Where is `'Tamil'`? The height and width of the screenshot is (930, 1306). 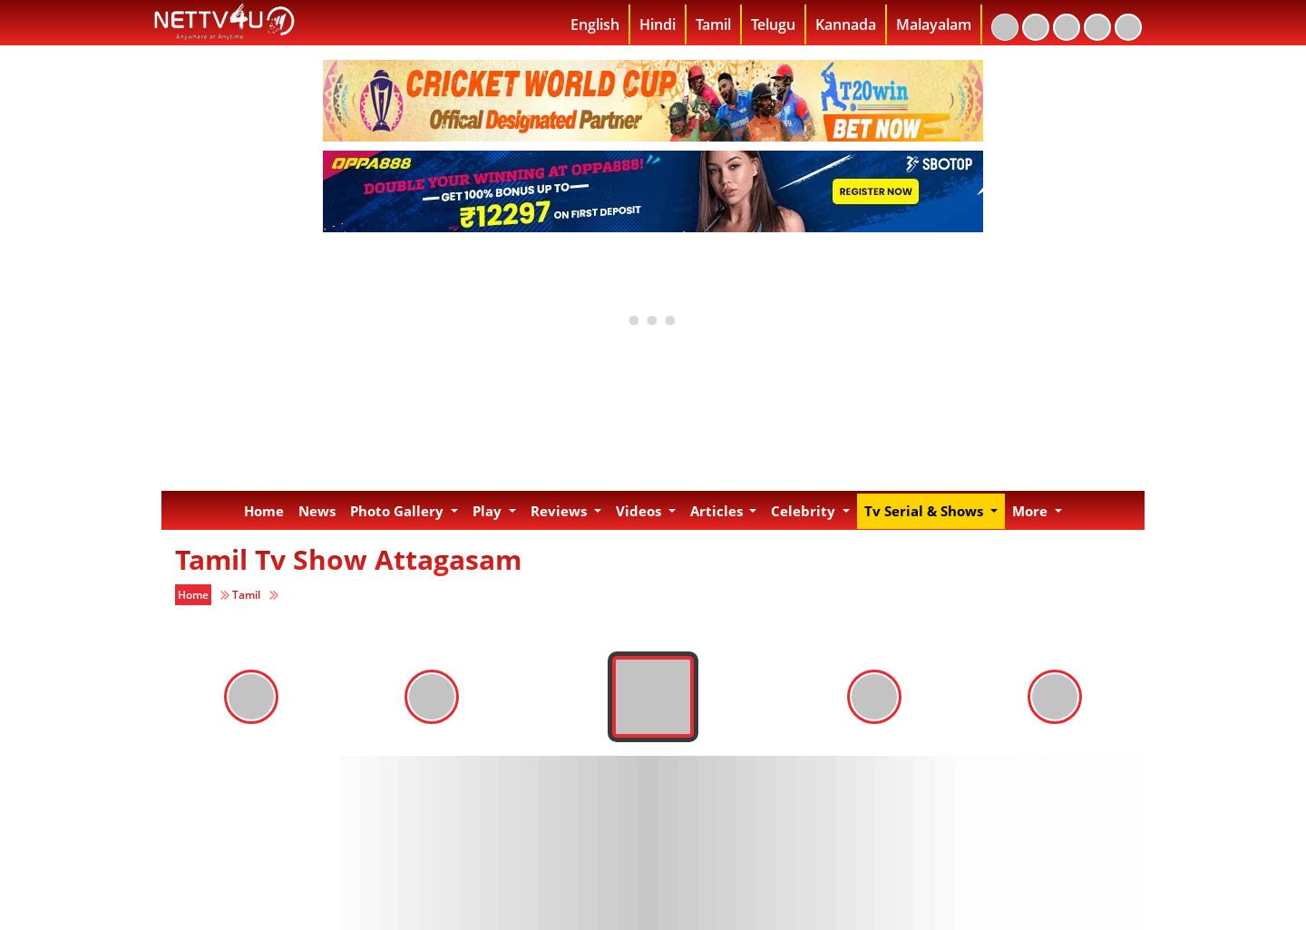
'Tamil' is located at coordinates (245, 593).